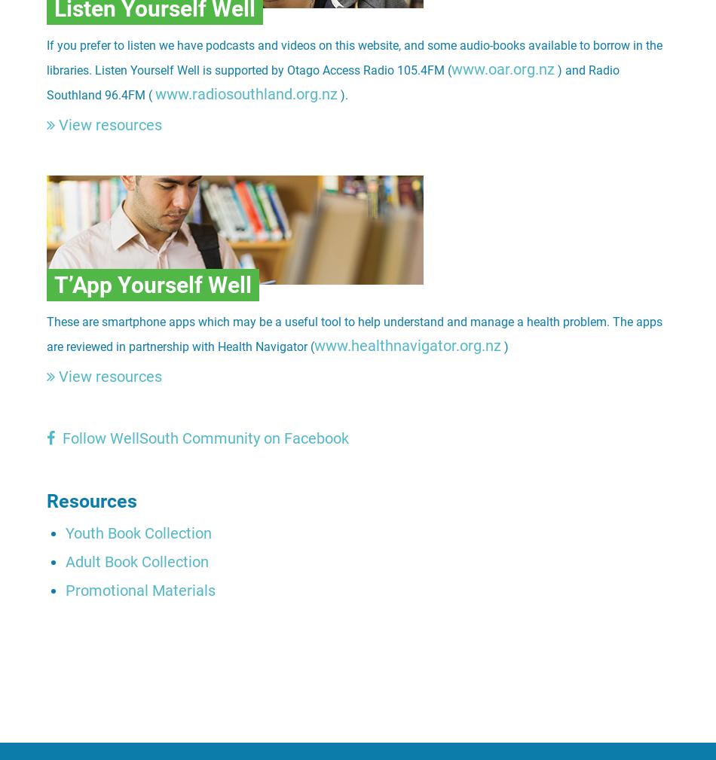 This screenshot has height=760, width=716. I want to click on 'If you prefer to listen we have podcasts and videos on this website, and some audio-books available to borrow in the libraries. Listen Yourself Well is supported by Otago Access Radio 105.4FM (', so click(45, 56).